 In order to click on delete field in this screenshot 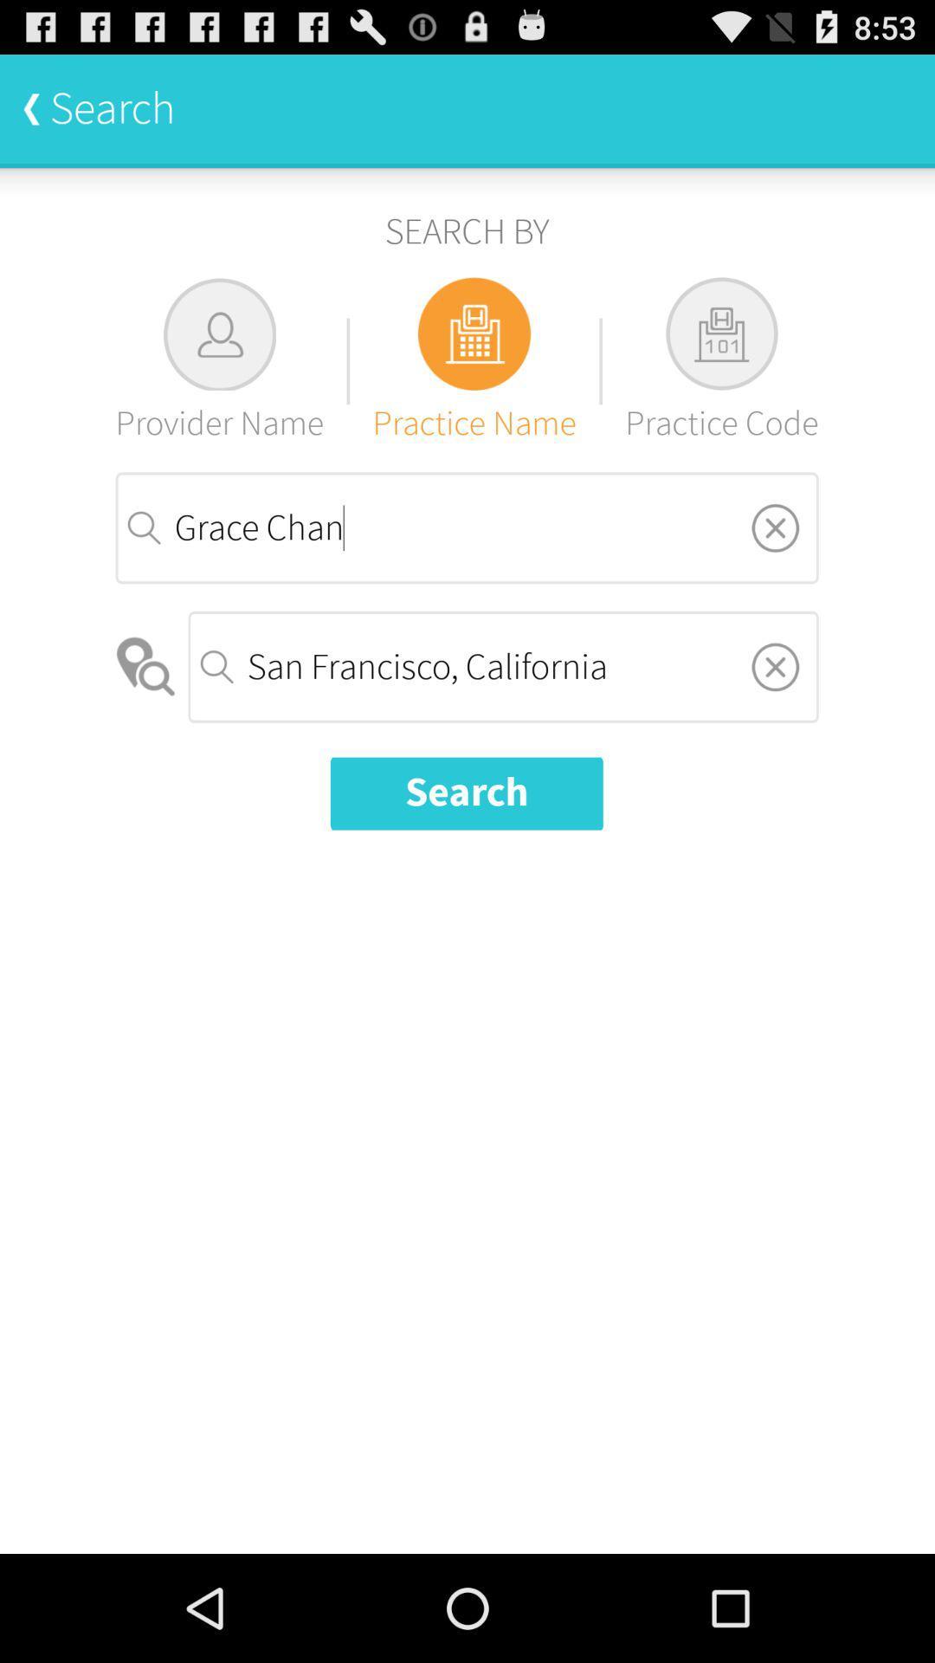, I will do `click(774, 665)`.